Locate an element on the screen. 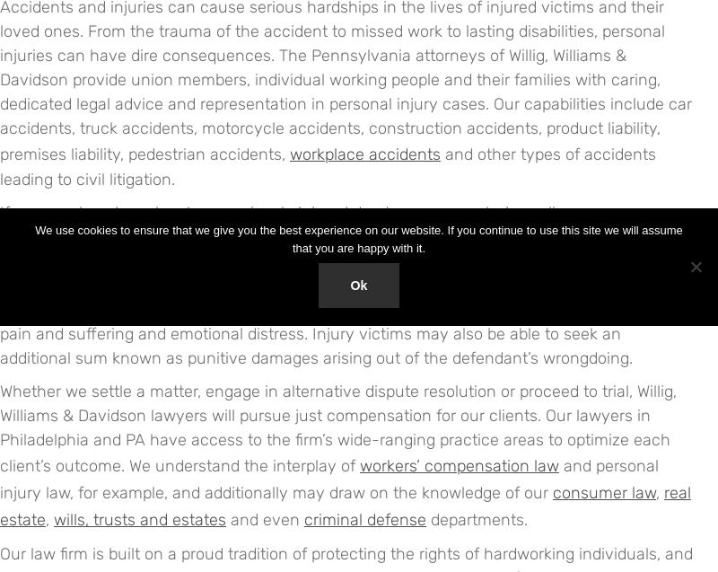 The image size is (718, 572). 'workers’ compensation law' is located at coordinates (359, 465).